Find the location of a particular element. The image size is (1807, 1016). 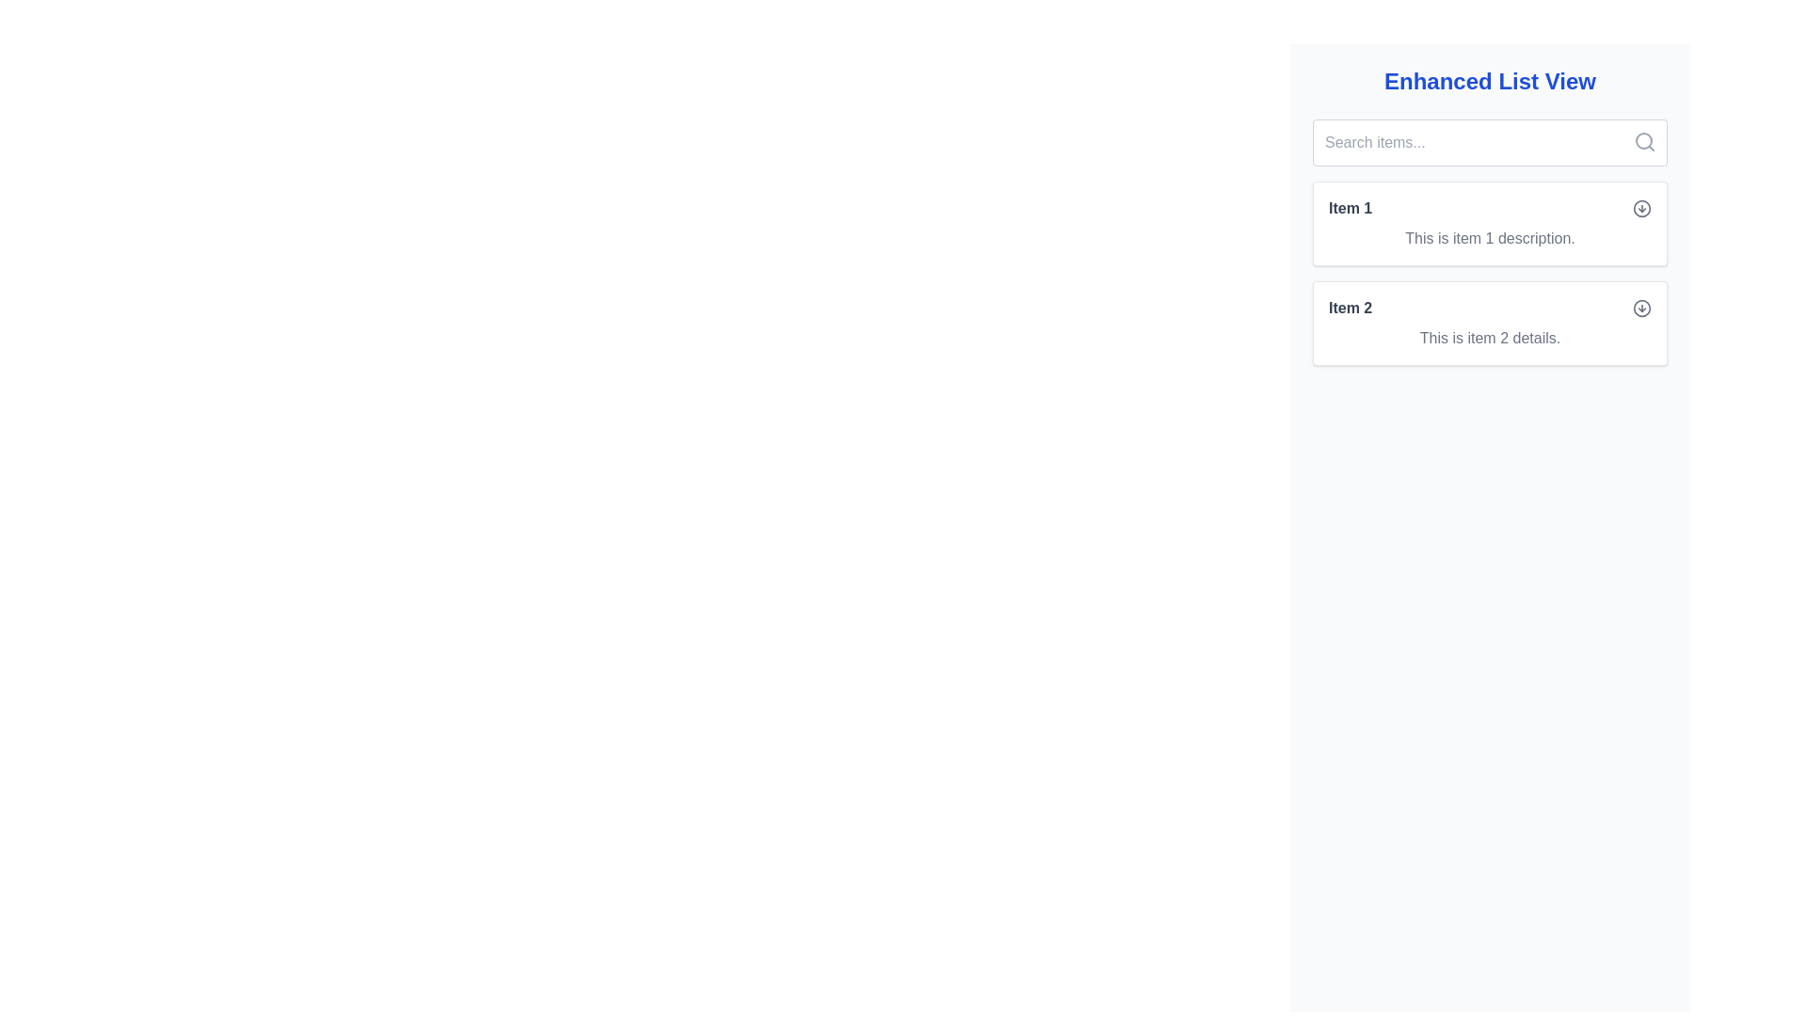

the circular icon component at the top-right corner of the 'Item 1' list item, which is styled with a thin stroke and no fill color is located at coordinates (1641, 209).